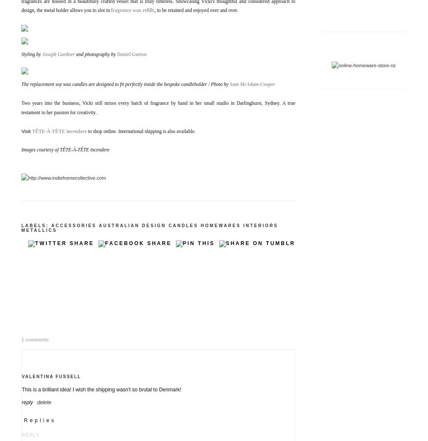  What do you see at coordinates (260, 225) in the screenshot?
I see `'Interiors'` at bounding box center [260, 225].